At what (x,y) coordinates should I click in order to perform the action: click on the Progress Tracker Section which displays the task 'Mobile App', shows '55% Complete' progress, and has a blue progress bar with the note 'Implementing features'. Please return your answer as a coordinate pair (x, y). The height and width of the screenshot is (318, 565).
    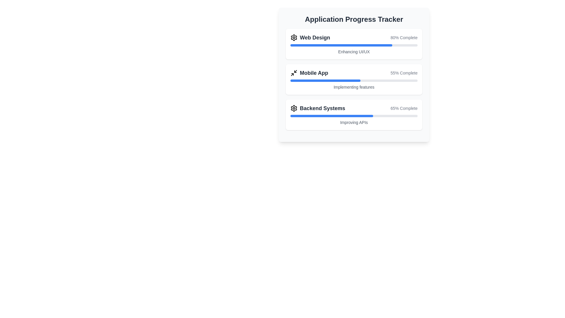
    Looking at the image, I should click on (354, 79).